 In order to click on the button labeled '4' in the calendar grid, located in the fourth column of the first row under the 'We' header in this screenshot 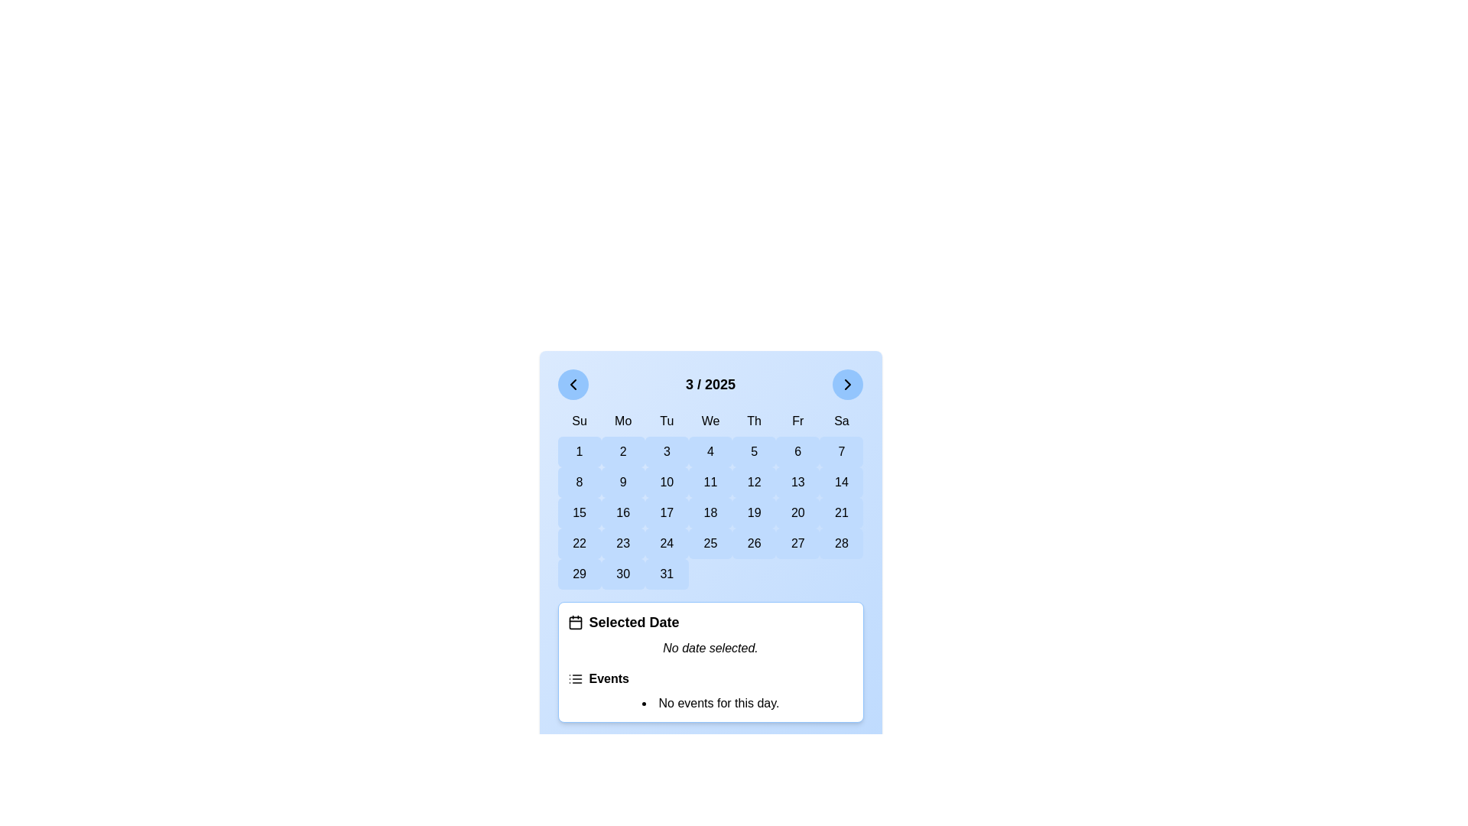, I will do `click(710, 450)`.